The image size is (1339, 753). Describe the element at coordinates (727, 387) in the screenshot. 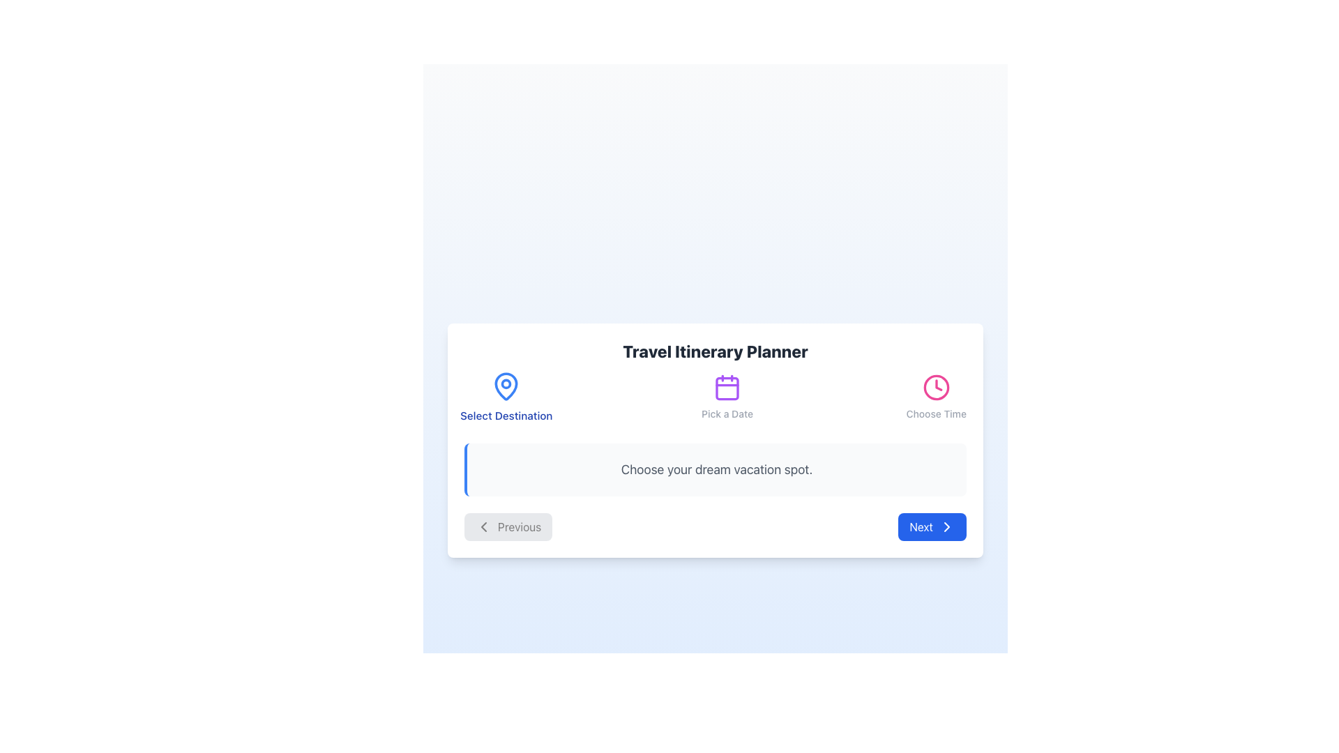

I see `the calendar icon, which is purple with rounded corners, located in the header section of the 'Travel Itinerary Planner' interface` at that location.